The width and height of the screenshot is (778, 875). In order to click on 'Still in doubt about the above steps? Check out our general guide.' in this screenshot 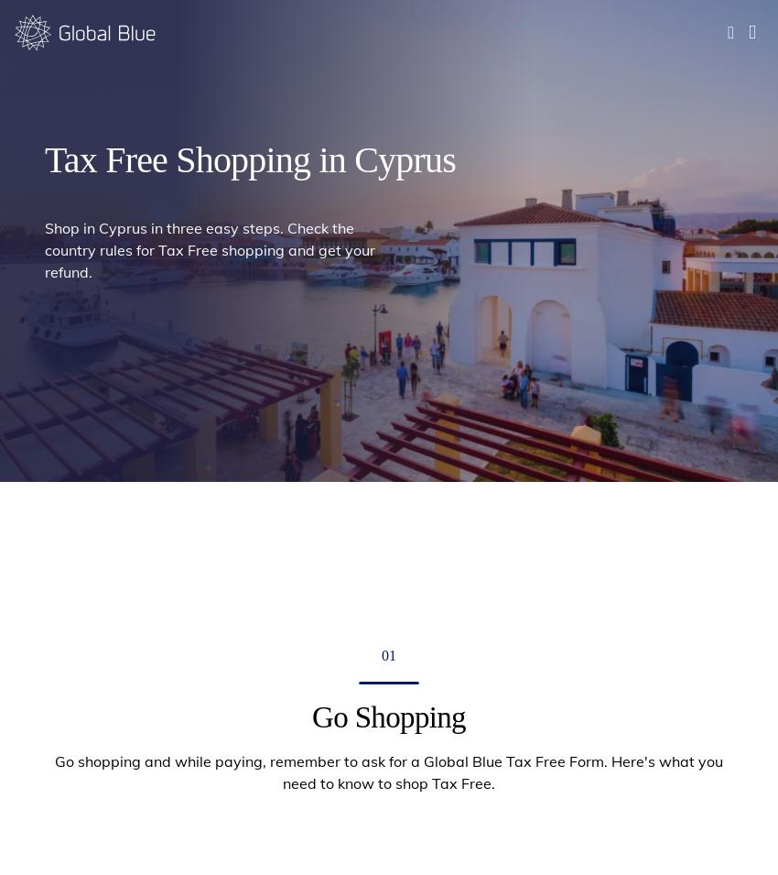, I will do `click(389, 10)`.